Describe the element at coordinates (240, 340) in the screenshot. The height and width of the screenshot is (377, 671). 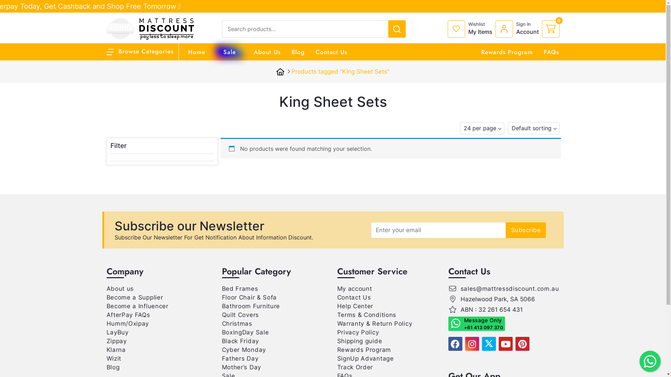
I see `'Black Friday'` at that location.